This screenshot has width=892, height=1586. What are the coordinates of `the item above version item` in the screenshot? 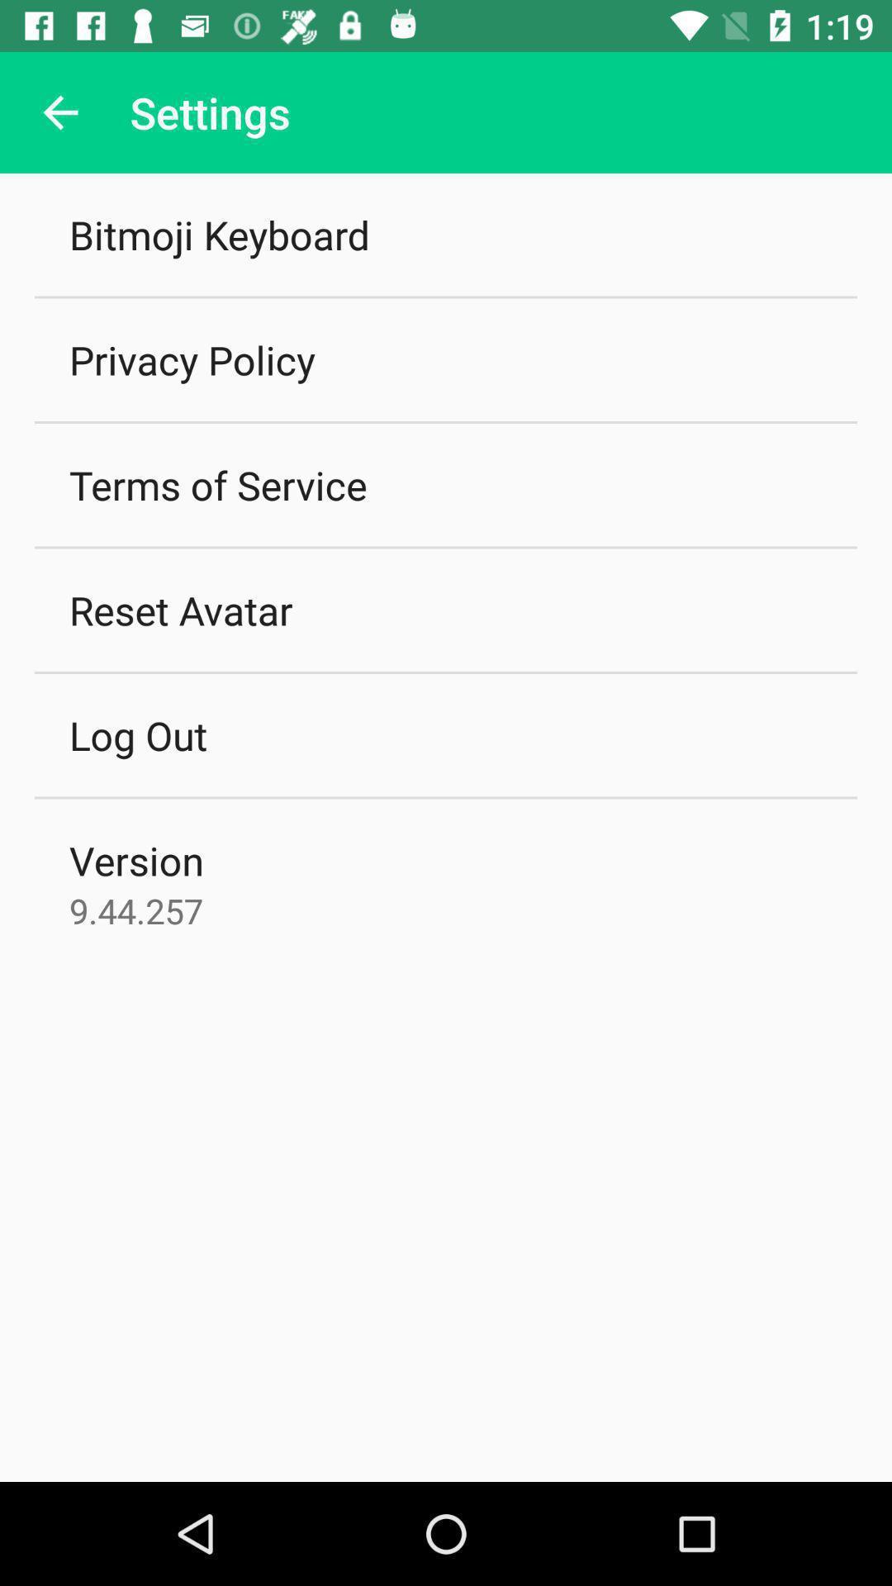 It's located at (137, 734).